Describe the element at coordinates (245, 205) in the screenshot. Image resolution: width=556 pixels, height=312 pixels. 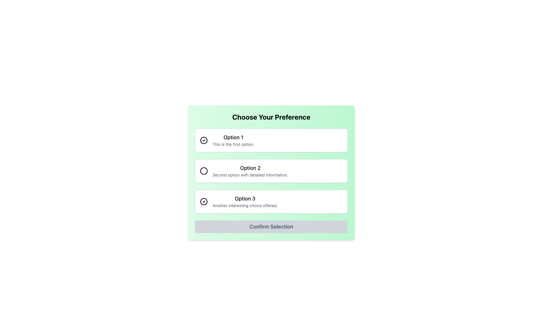
I see `the text label that contains 'Another interesting choice offered.' which is styled in a smaller gray font, located below 'Option 3' in the third option section` at that location.